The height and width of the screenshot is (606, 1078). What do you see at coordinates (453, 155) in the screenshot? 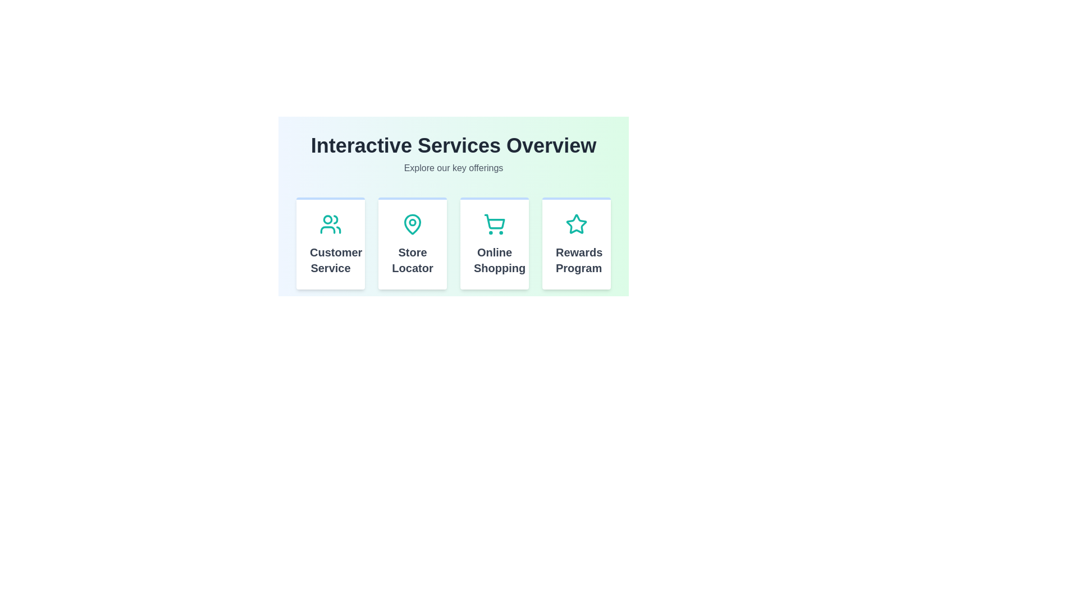
I see `text block located at the top center of the interface, which serves as a title and subtitle summarizing the services offered below` at bounding box center [453, 155].